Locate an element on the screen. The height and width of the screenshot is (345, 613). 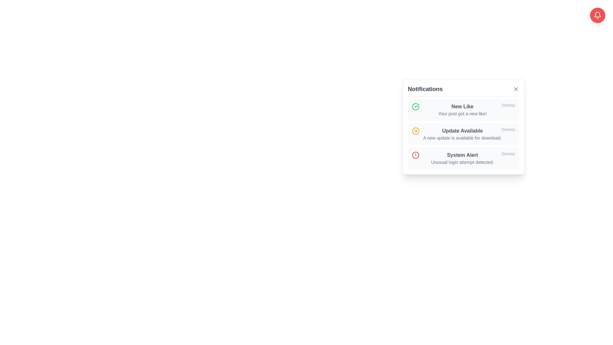
the text element reading 'A new update is available for download.' located below the bold text 'Update Available' in the notifications list is located at coordinates (462, 138).